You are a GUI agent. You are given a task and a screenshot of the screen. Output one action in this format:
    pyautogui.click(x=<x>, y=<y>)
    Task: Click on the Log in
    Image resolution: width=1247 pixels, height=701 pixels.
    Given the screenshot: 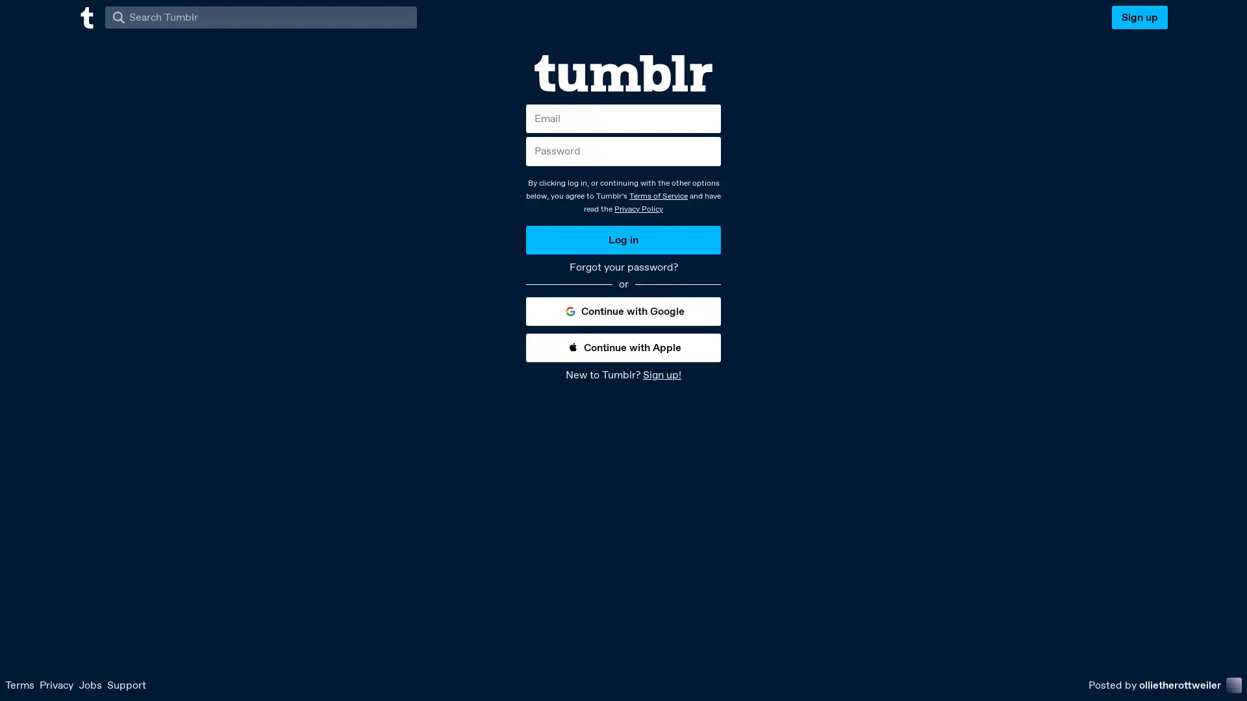 What is the action you would take?
    pyautogui.click(x=623, y=240)
    